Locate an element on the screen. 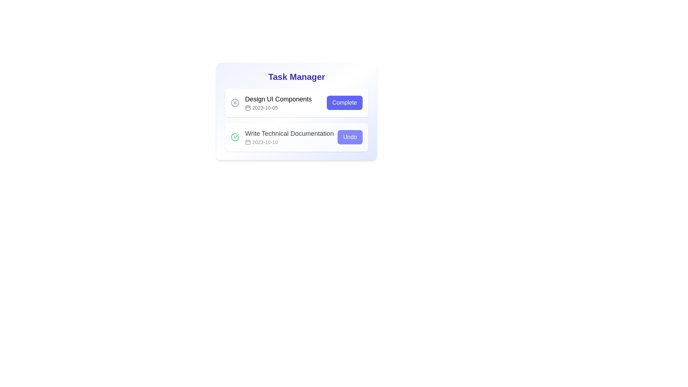  the task icon Write Technical Documentation to toggle its completion state is located at coordinates (235, 137).